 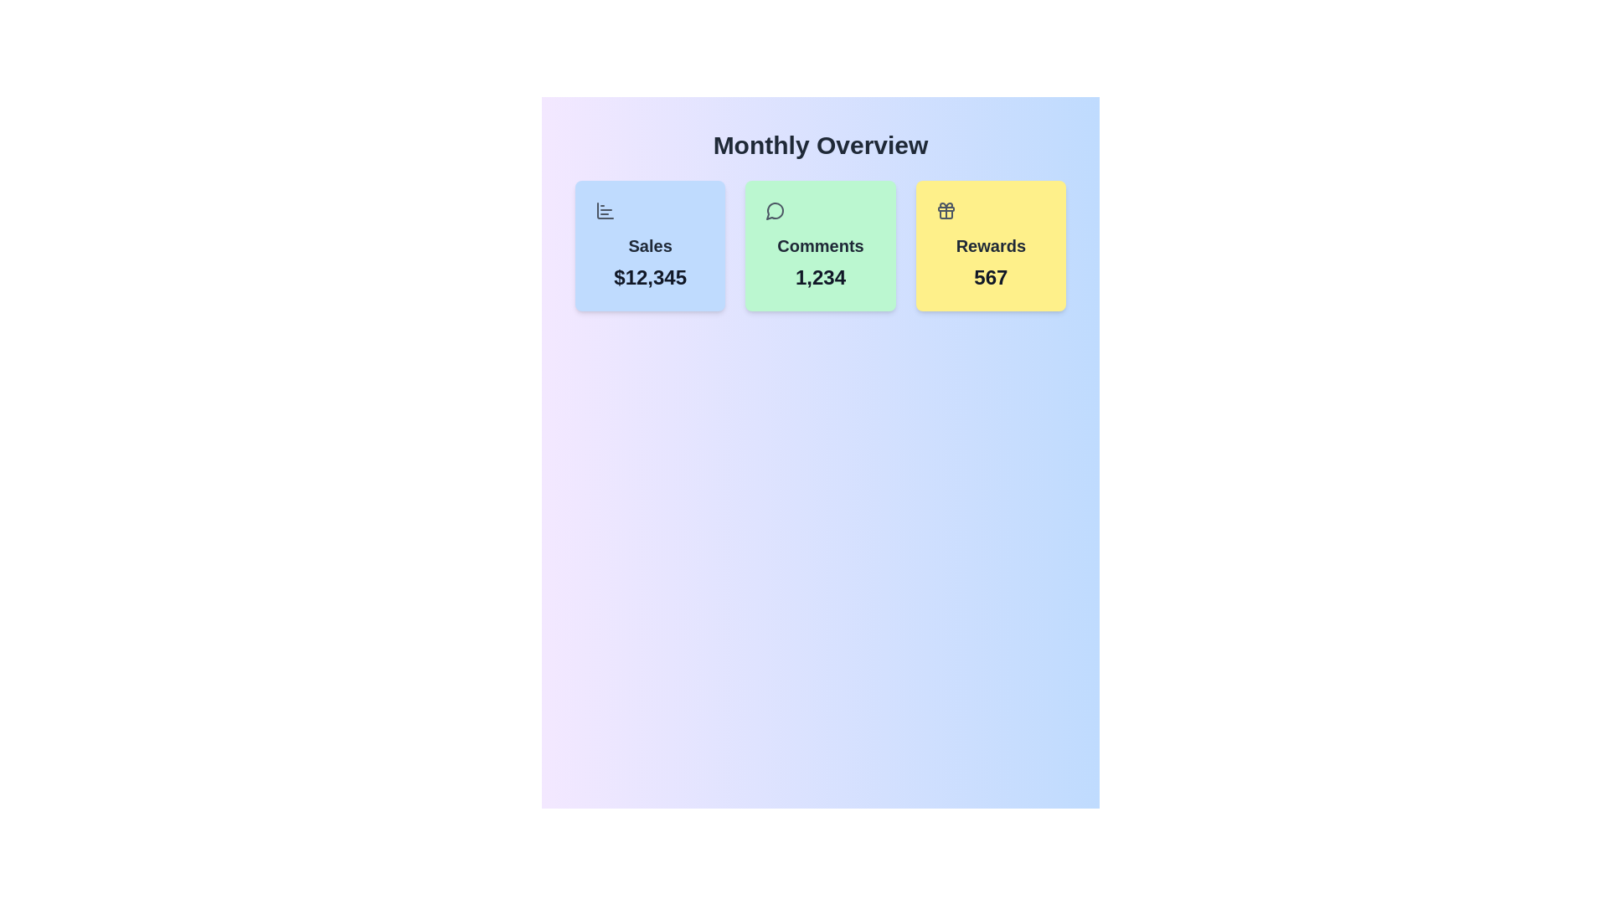 I want to click on the 'Comments' static text label, which is styled in bold dark gray on a light green background, located at the top of a green card in a three-card layout, so click(x=820, y=245).